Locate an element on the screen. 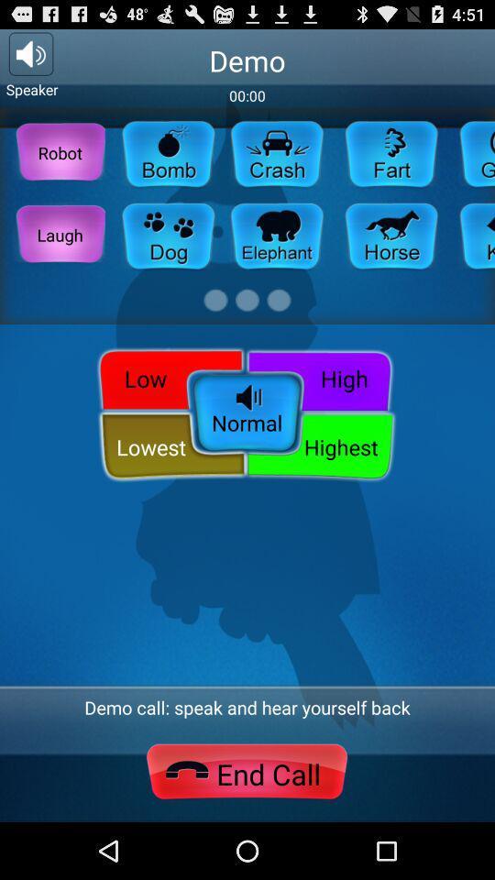 The width and height of the screenshot is (495, 880). icon above the demo call speak app is located at coordinates (247, 414).